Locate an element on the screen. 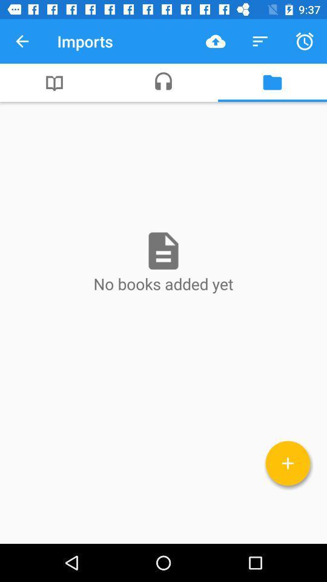  the add icon is located at coordinates (287, 463).